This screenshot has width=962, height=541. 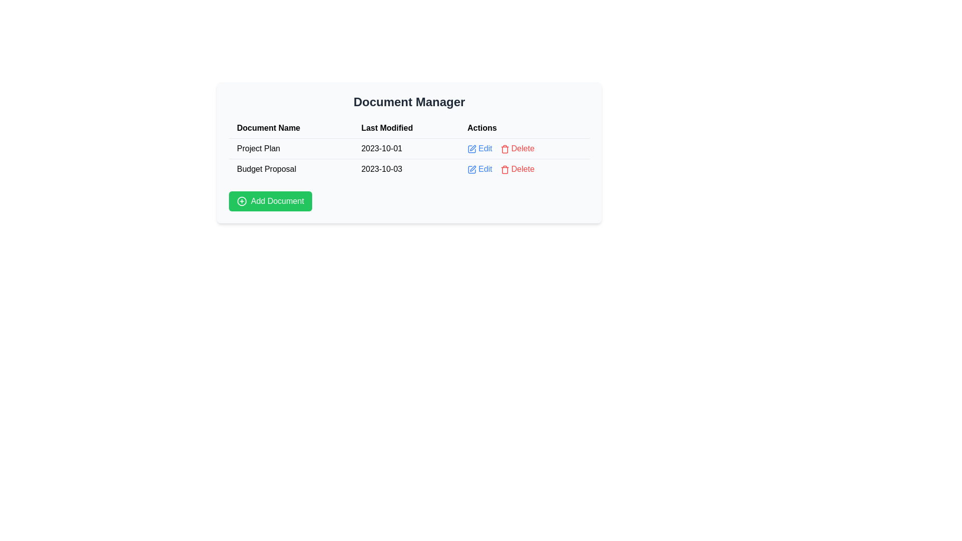 What do you see at coordinates (409, 168) in the screenshot?
I see `the 'Delete' button in the second row of the Document Manager table, which contains the text 'Budget Proposal', the date '2023-10-03', and actionable links styled in blue and red` at bounding box center [409, 168].